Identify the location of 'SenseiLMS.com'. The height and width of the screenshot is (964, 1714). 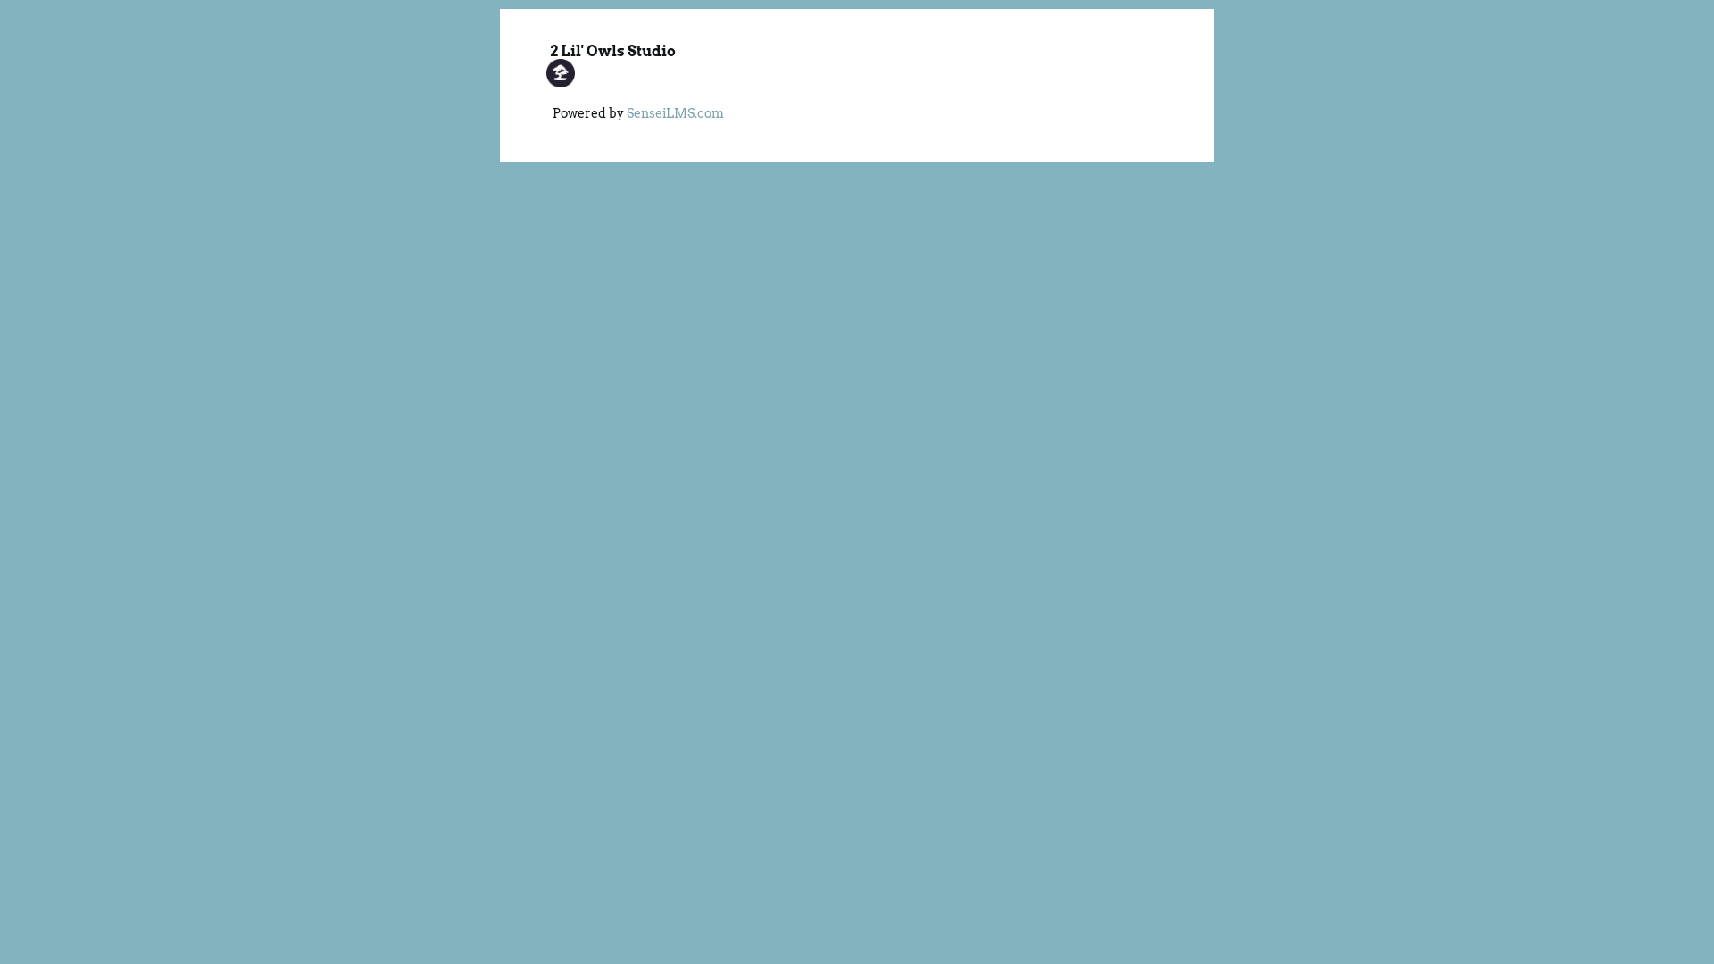
(626, 113).